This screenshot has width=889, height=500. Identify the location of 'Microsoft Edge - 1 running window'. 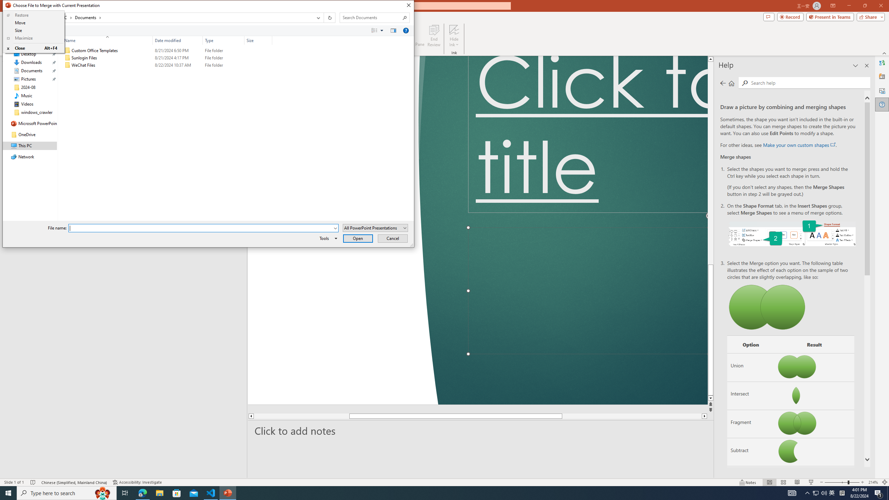
(142, 492).